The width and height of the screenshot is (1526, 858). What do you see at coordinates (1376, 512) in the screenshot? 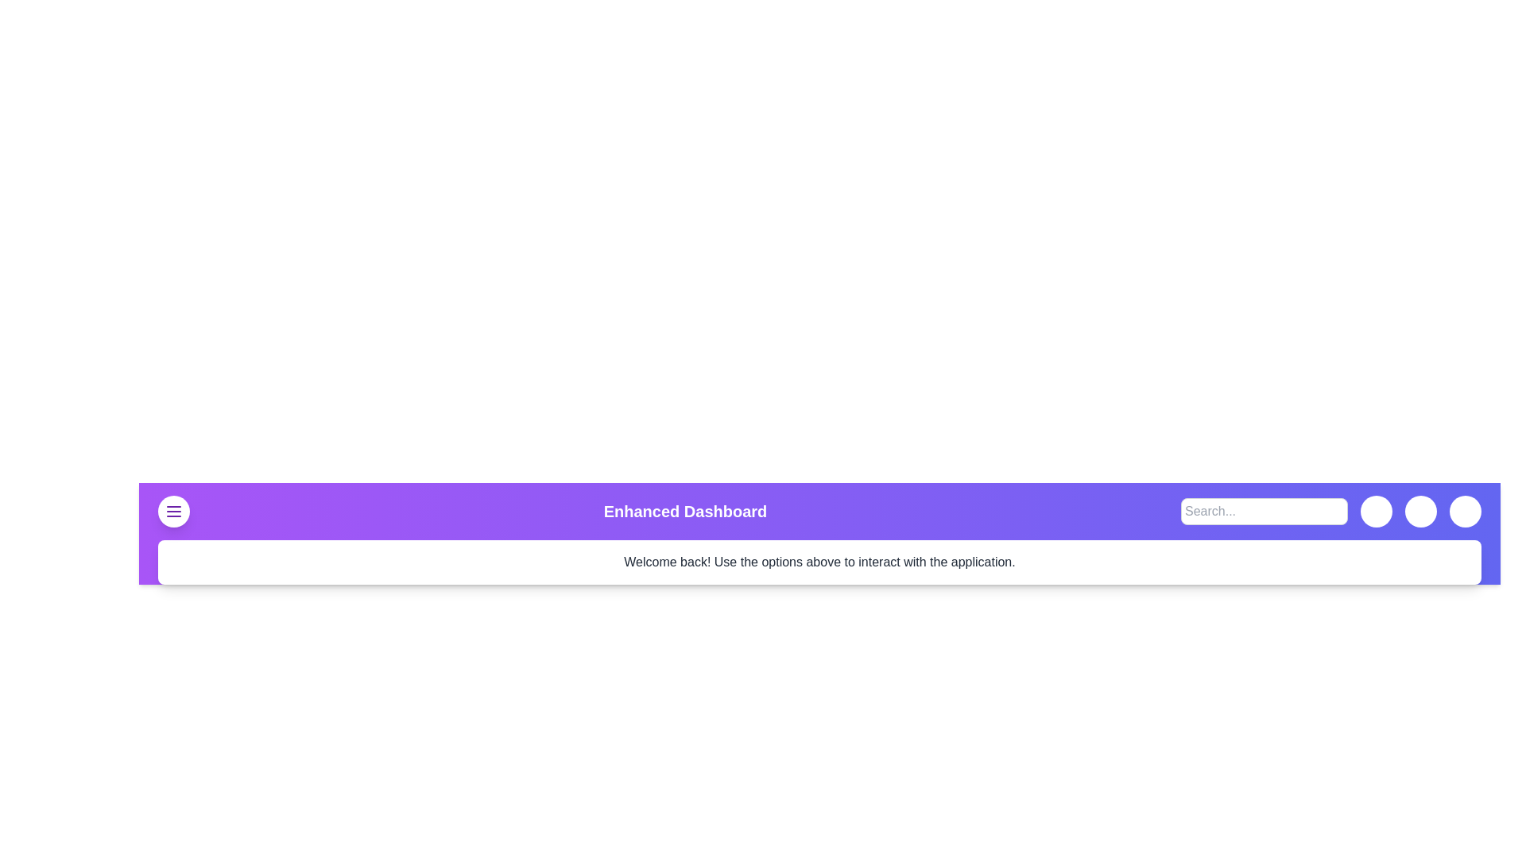
I see `message button to trigger its functionality` at bounding box center [1376, 512].